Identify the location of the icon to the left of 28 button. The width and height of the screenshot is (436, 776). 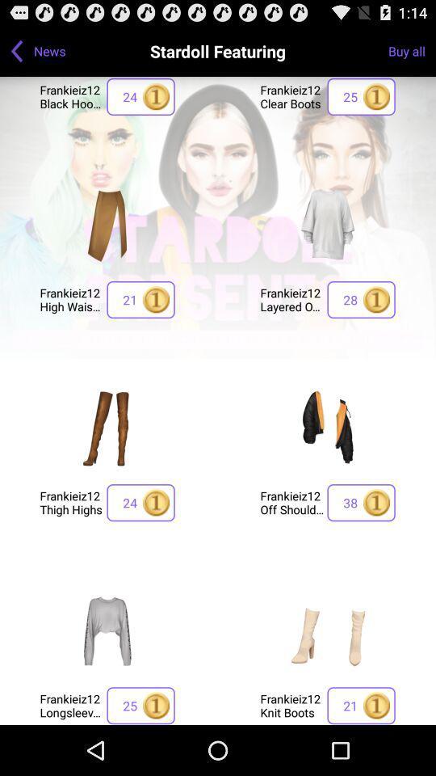
(291, 298).